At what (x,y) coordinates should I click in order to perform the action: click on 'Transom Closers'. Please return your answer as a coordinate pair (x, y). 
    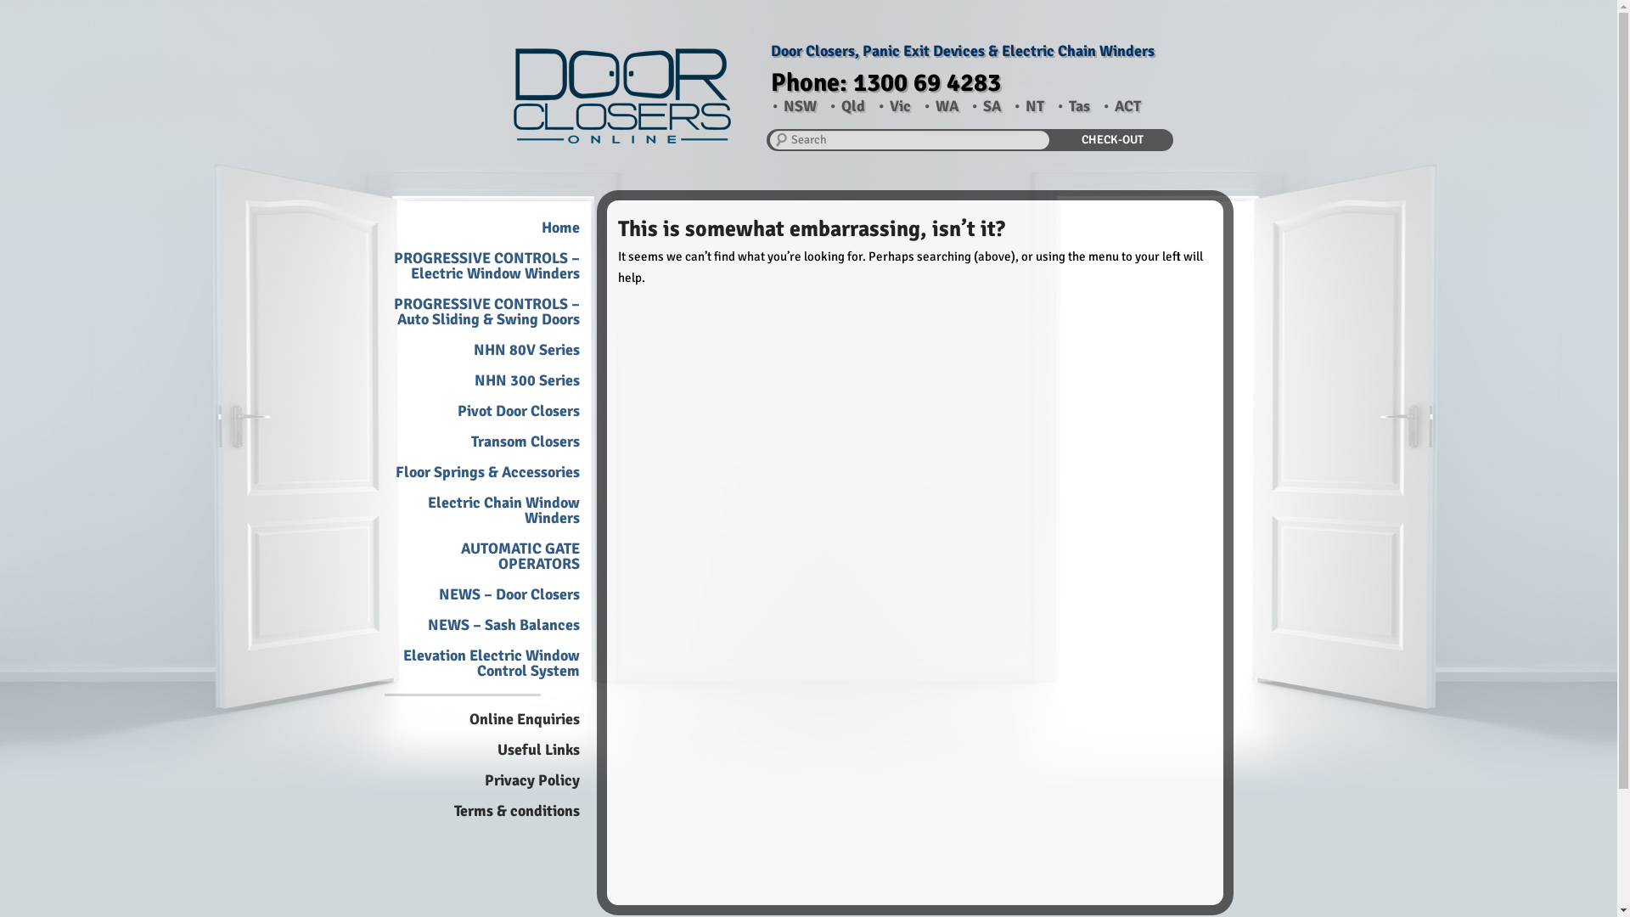
    Looking at the image, I should click on (524, 441).